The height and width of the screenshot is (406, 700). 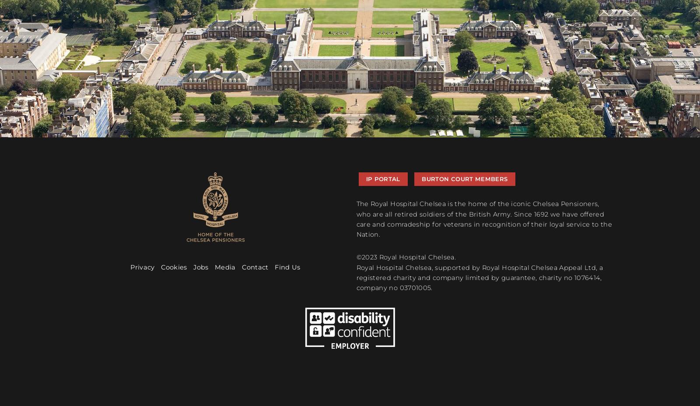 What do you see at coordinates (356, 219) in the screenshot?
I see `'The Royal Hospital Chelsea is the home of the iconic Chelsea Pensioners, who are all retired soldiers of the British Army. Since 1692 we have offered care and comradeship for veterans in recognition of their loyal service to the Nation.'` at bounding box center [356, 219].